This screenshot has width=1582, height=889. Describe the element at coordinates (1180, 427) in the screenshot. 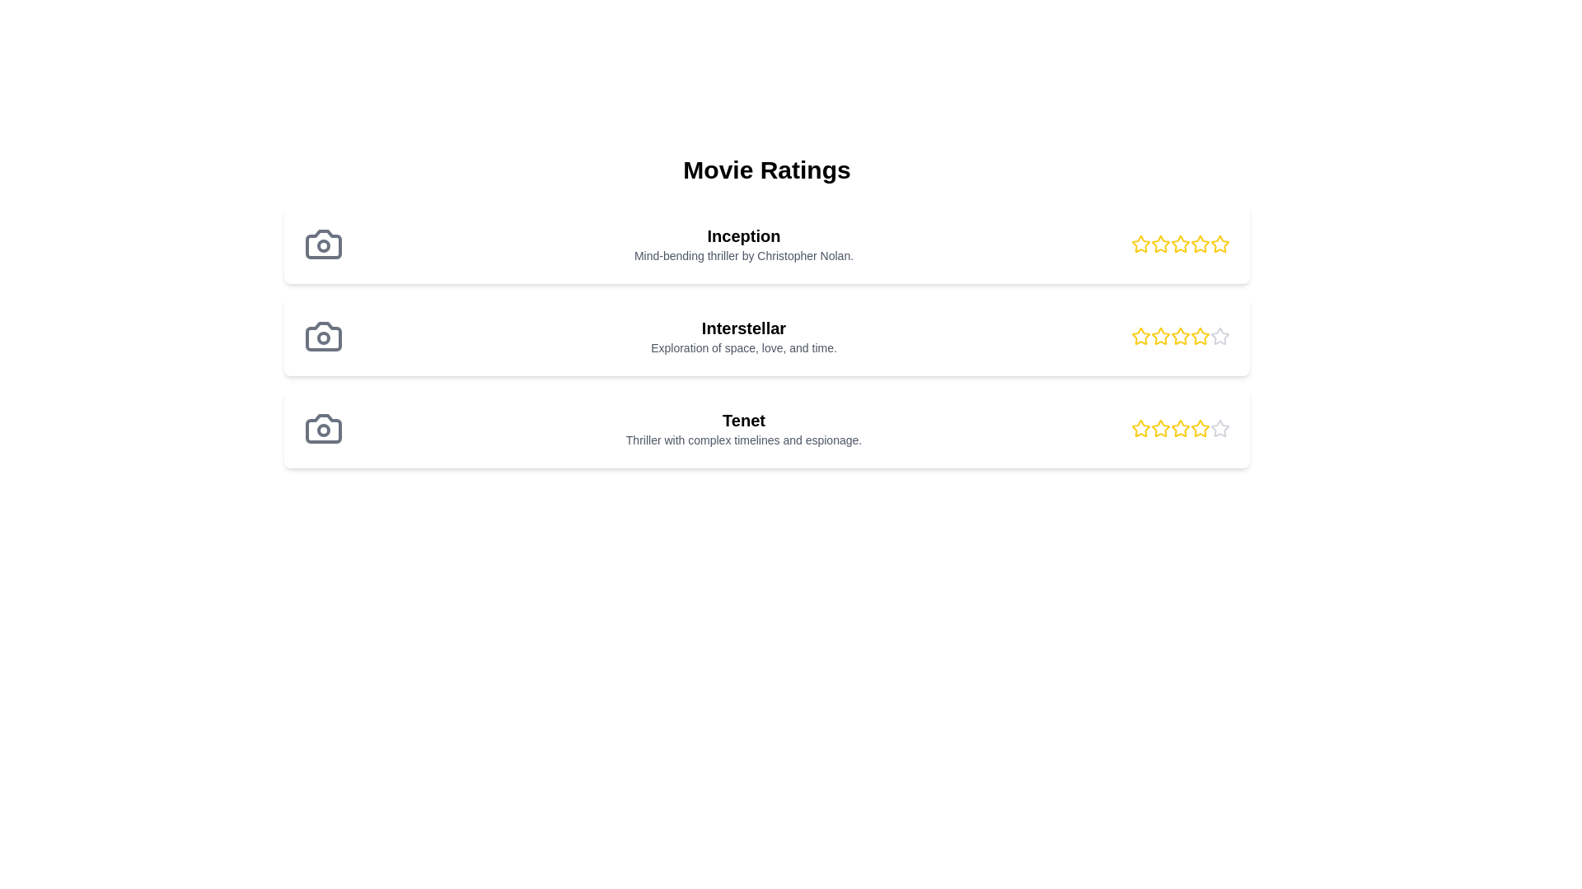

I see `the third star icon in the rating mechanism for the 'Tenet' movie` at that location.